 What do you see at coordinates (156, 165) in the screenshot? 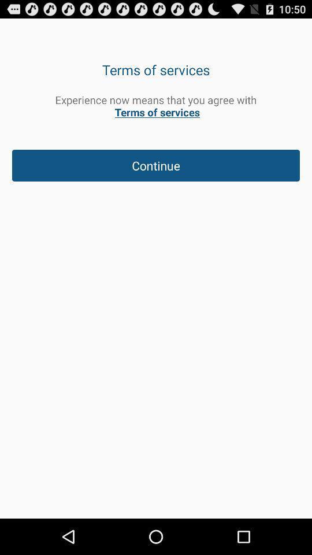
I see `continue icon` at bounding box center [156, 165].